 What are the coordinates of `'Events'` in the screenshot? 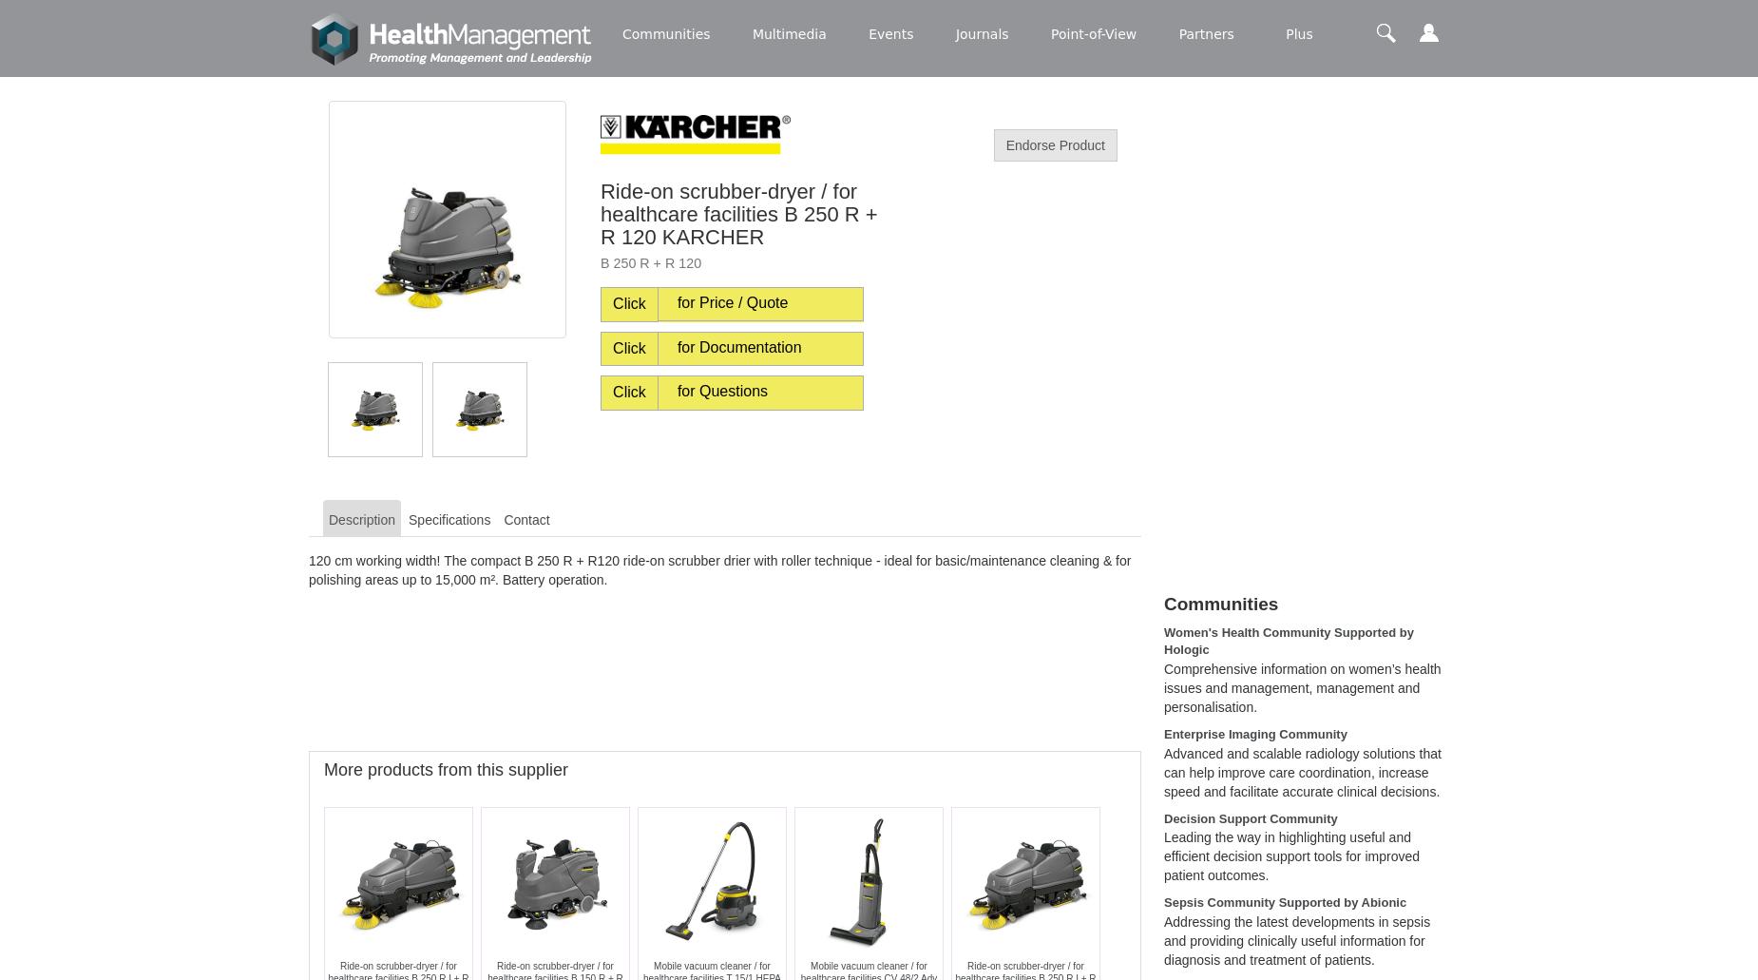 It's located at (889, 33).